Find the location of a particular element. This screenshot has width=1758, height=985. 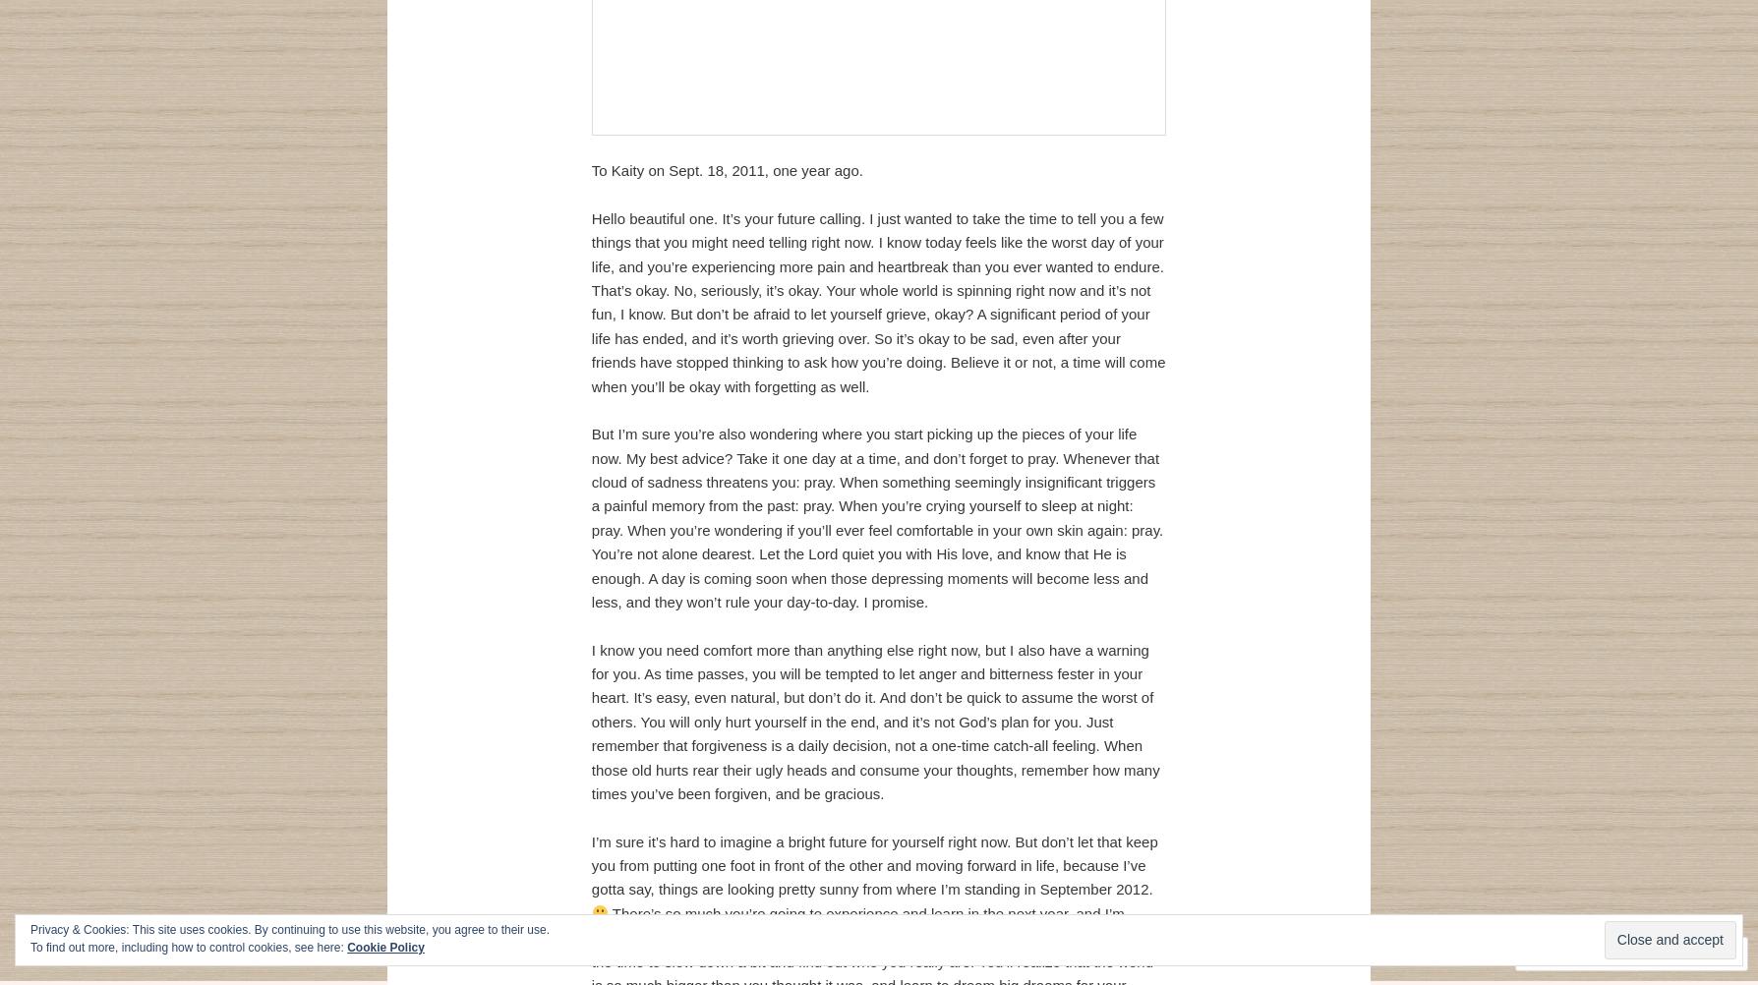

'To find out more, including how to control cookies, see here:' is located at coordinates (189, 947).